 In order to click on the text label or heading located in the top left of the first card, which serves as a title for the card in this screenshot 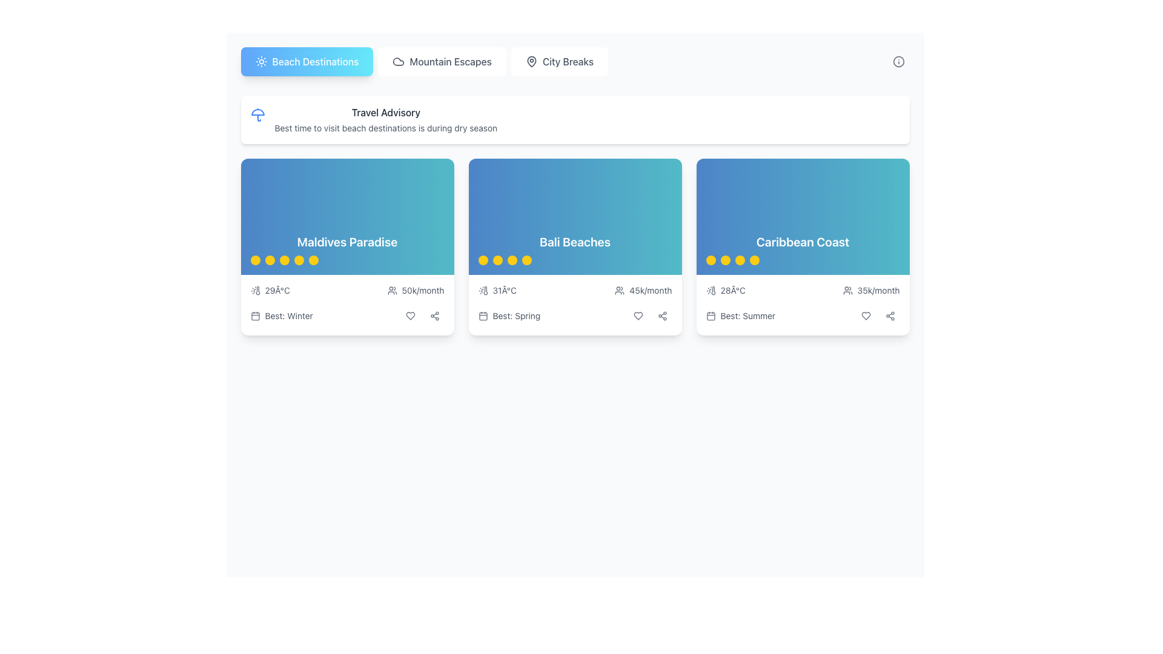, I will do `click(346, 242)`.